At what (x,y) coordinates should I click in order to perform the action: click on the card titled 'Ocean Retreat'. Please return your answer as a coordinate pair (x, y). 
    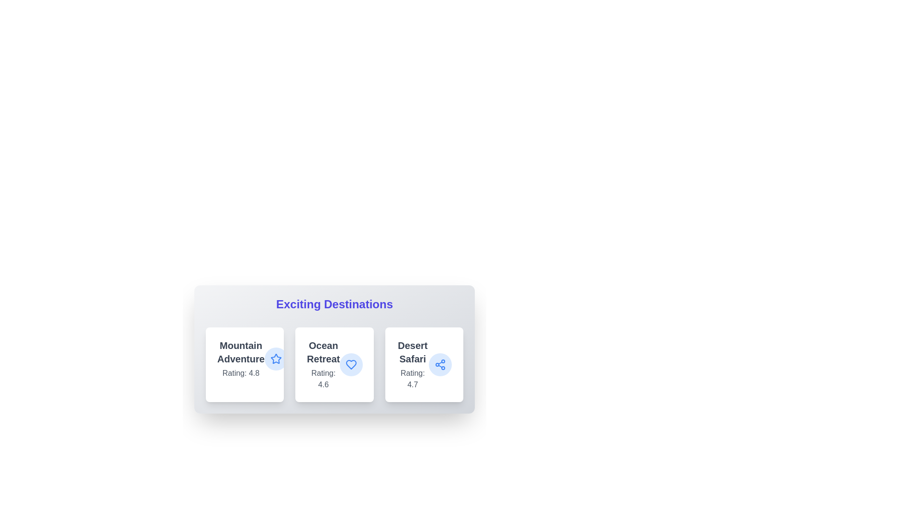
    Looking at the image, I should click on (335, 365).